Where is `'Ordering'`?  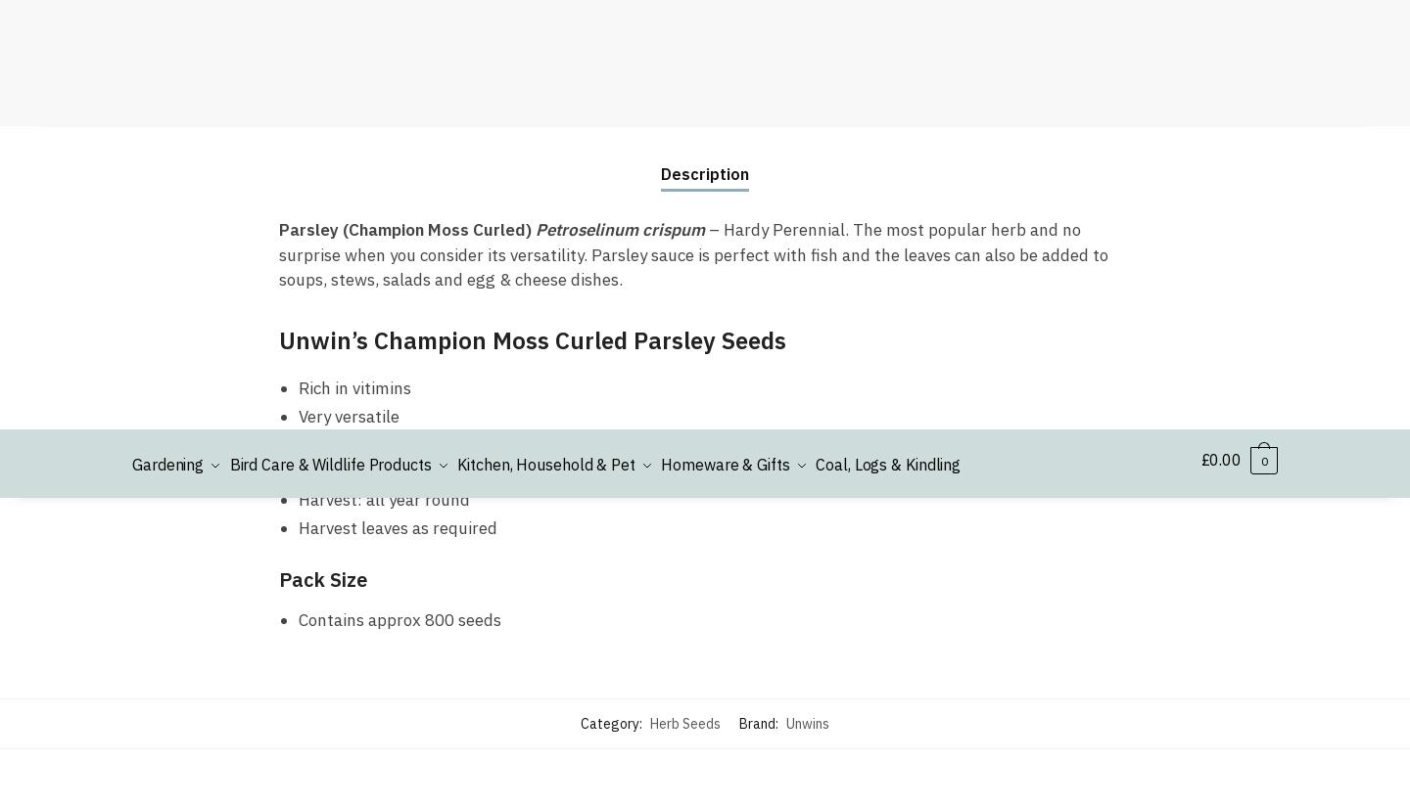 'Ordering' is located at coordinates (955, 99).